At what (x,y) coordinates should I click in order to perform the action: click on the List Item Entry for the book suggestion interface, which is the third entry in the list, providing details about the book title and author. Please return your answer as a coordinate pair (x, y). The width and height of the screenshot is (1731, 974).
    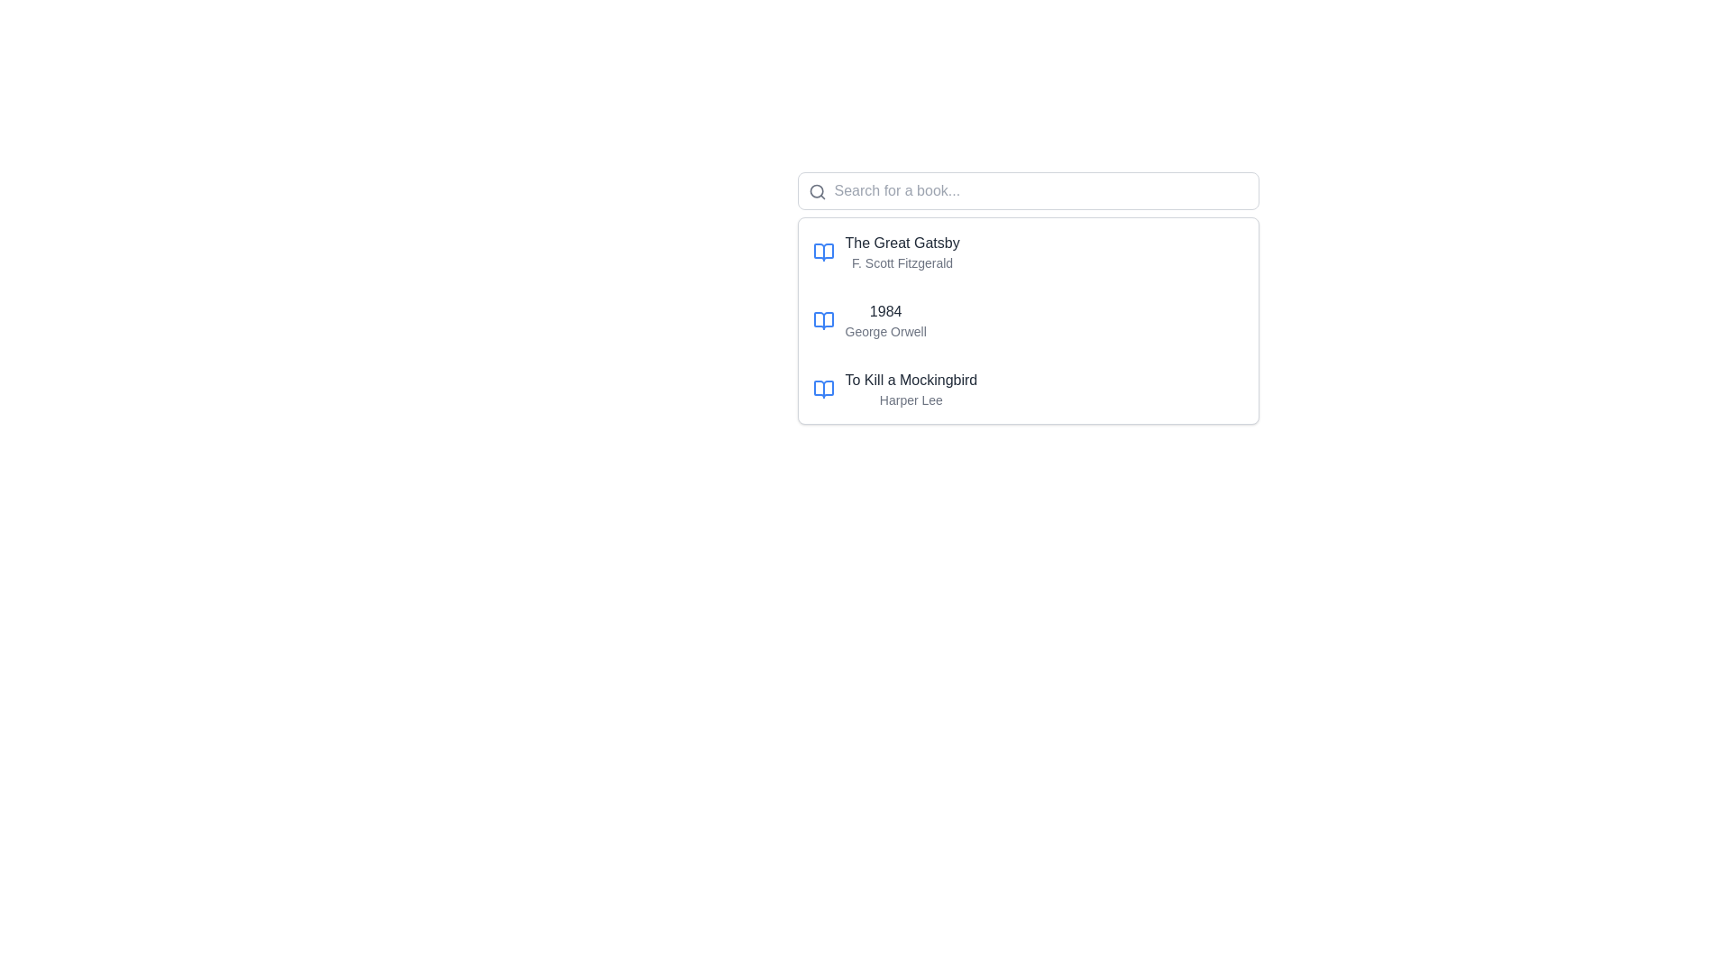
    Looking at the image, I should click on (1028, 389).